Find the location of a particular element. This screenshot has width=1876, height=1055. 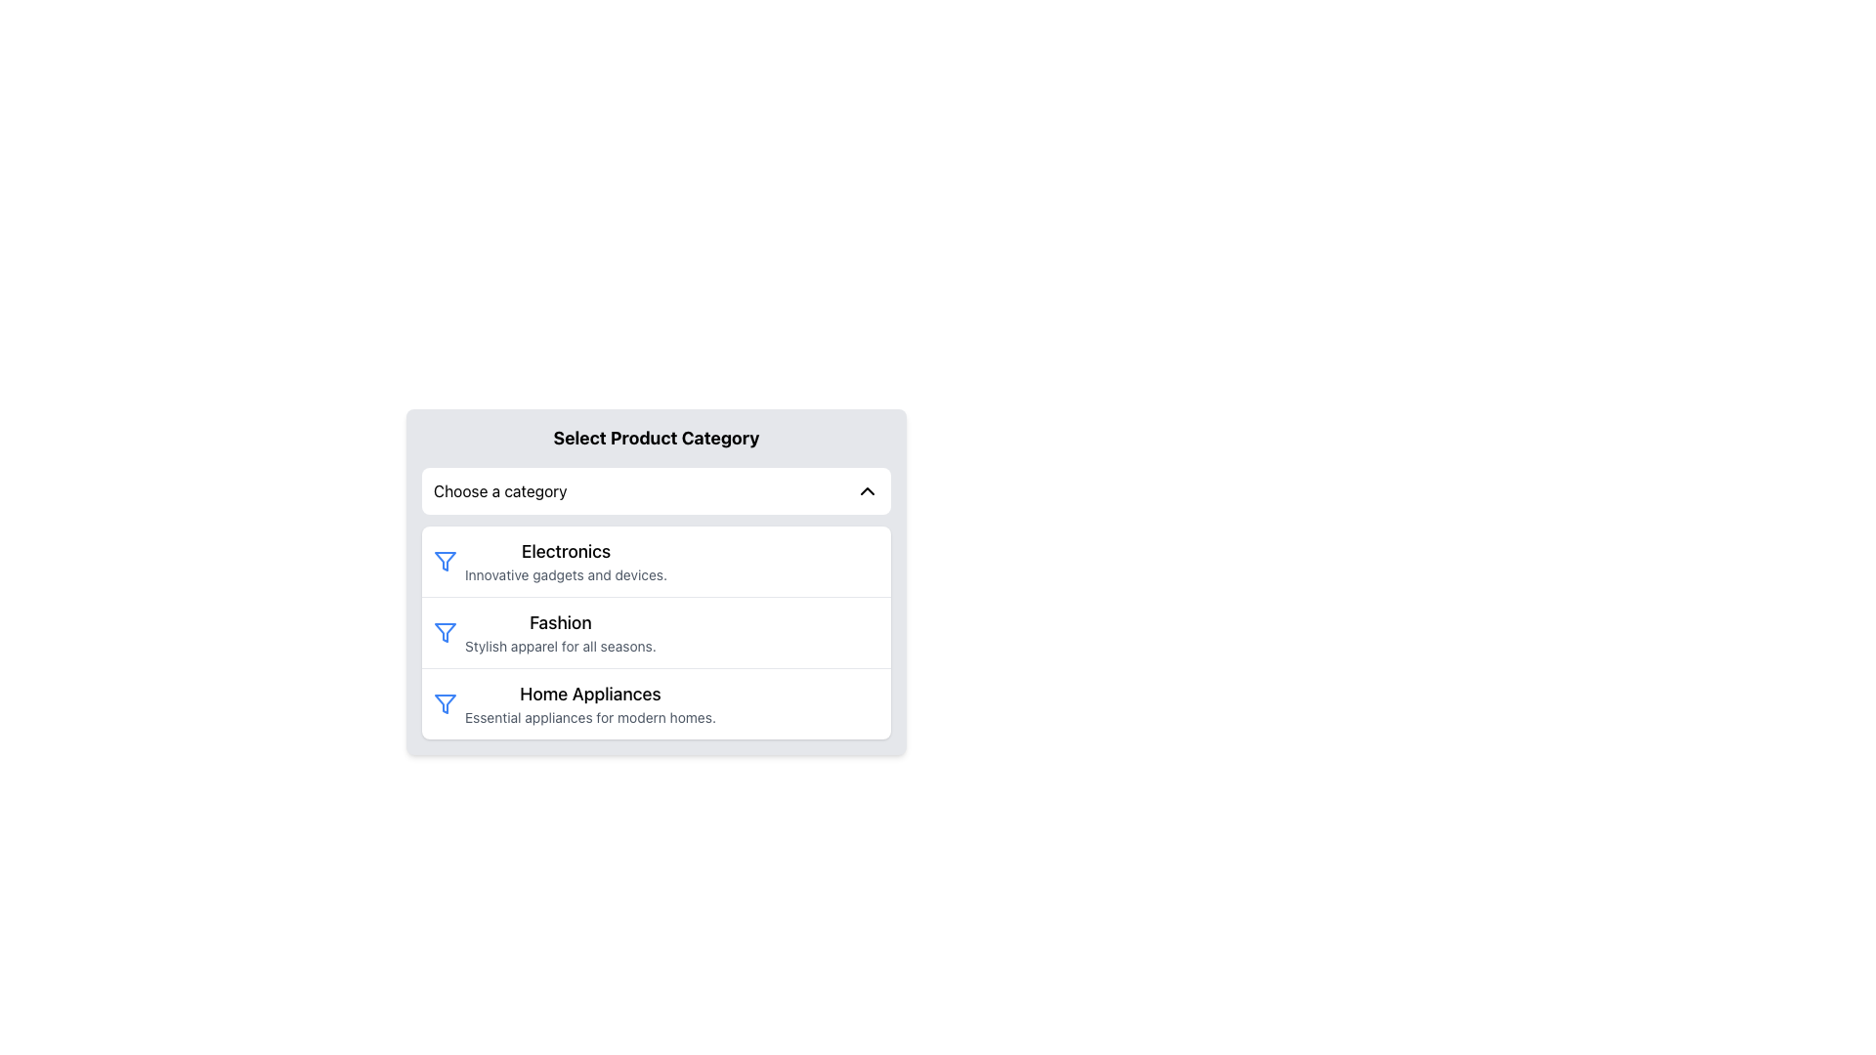

the second item in the category selection list is located at coordinates (657, 632).